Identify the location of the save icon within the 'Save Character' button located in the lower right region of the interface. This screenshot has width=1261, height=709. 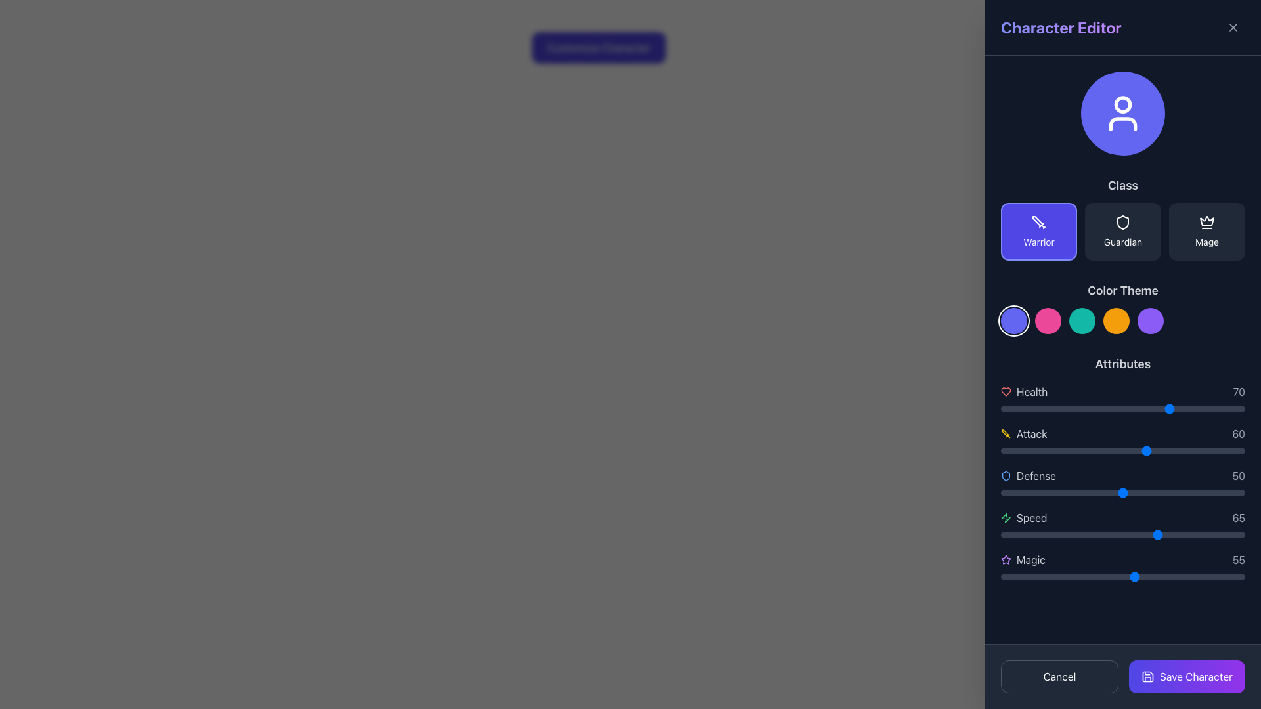
(1147, 676).